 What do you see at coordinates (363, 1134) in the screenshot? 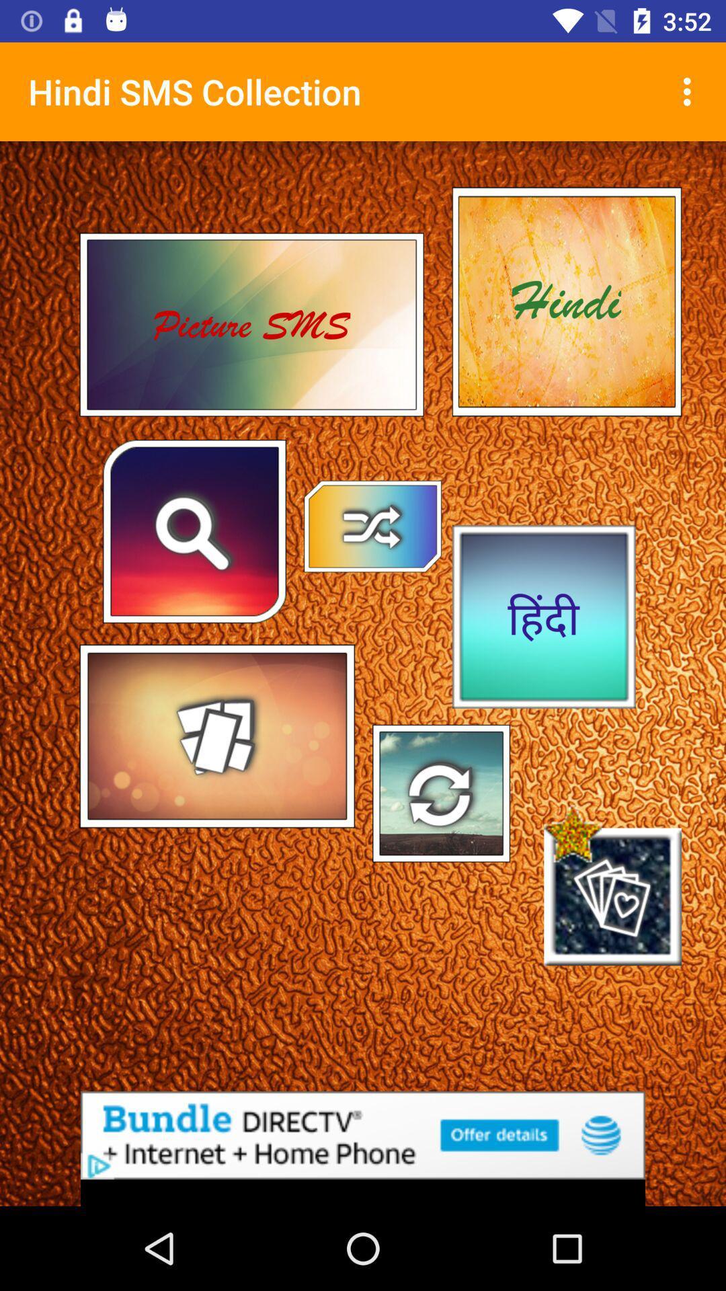
I see `advertisement` at bounding box center [363, 1134].